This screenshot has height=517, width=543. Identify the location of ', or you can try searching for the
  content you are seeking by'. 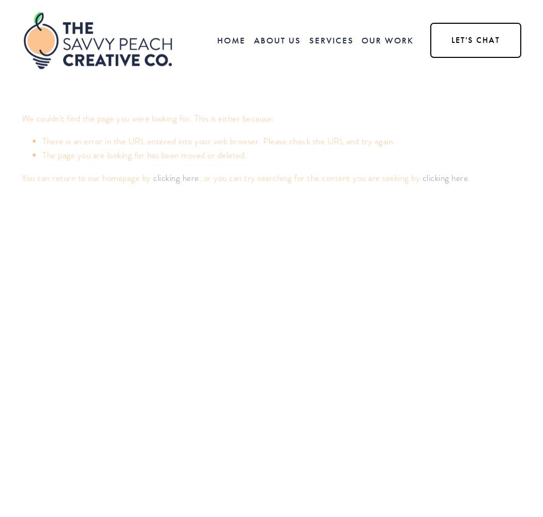
(309, 177).